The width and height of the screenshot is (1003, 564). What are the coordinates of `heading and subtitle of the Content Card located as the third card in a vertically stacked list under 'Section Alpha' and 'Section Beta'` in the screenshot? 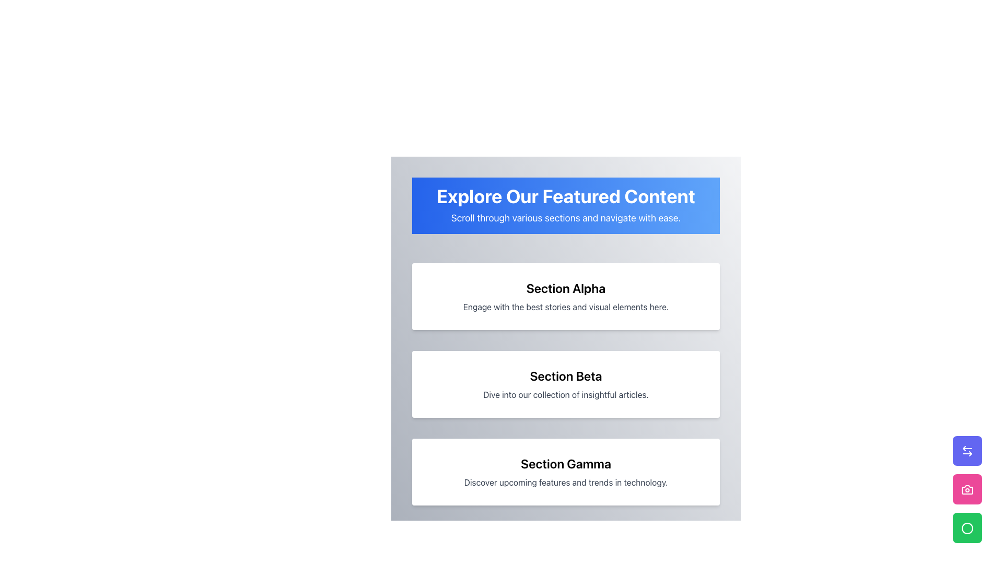 It's located at (565, 472).